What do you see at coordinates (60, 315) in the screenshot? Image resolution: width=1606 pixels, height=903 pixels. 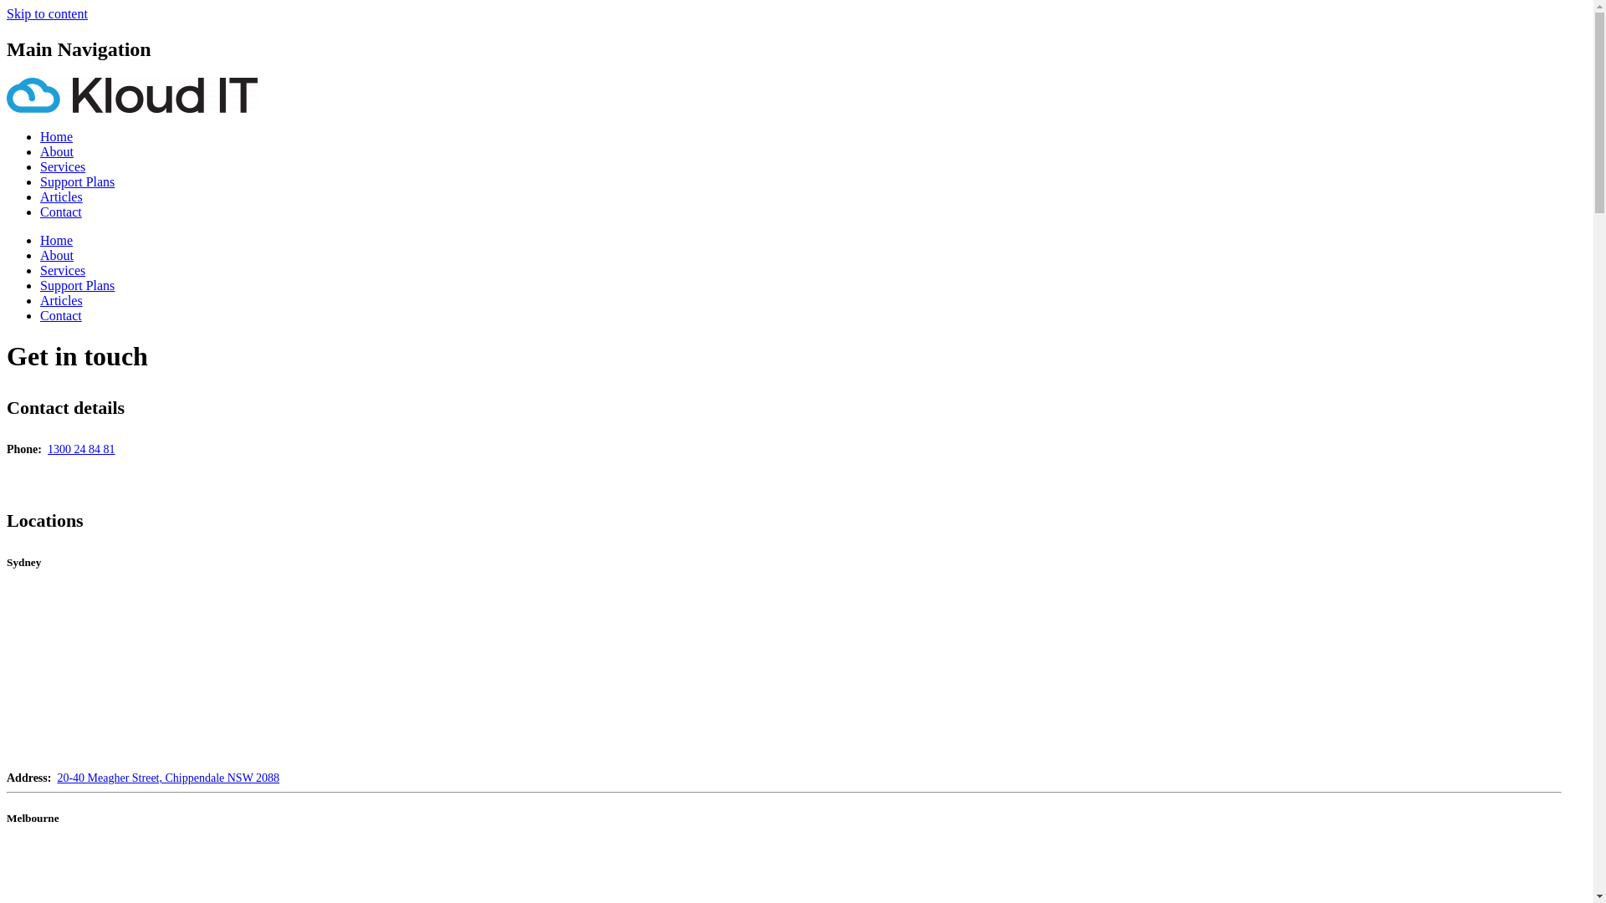 I see `'Contact'` at bounding box center [60, 315].